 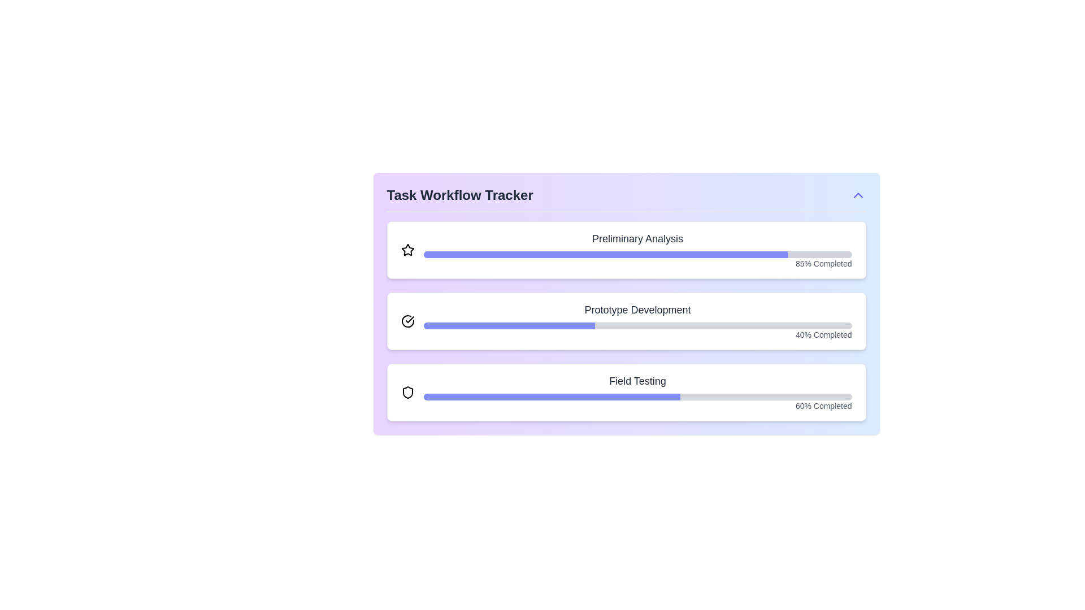 I want to click on the 'Preliminary Analysis' progress tracker component, so click(x=637, y=250).